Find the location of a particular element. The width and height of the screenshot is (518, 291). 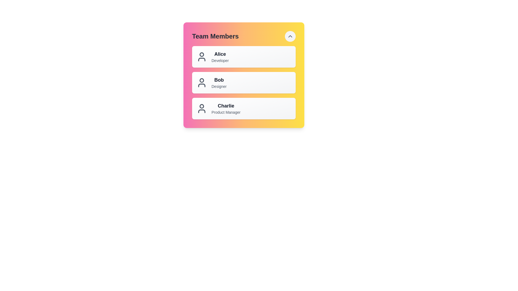

the icon next to Charlie's name is located at coordinates (202, 108).